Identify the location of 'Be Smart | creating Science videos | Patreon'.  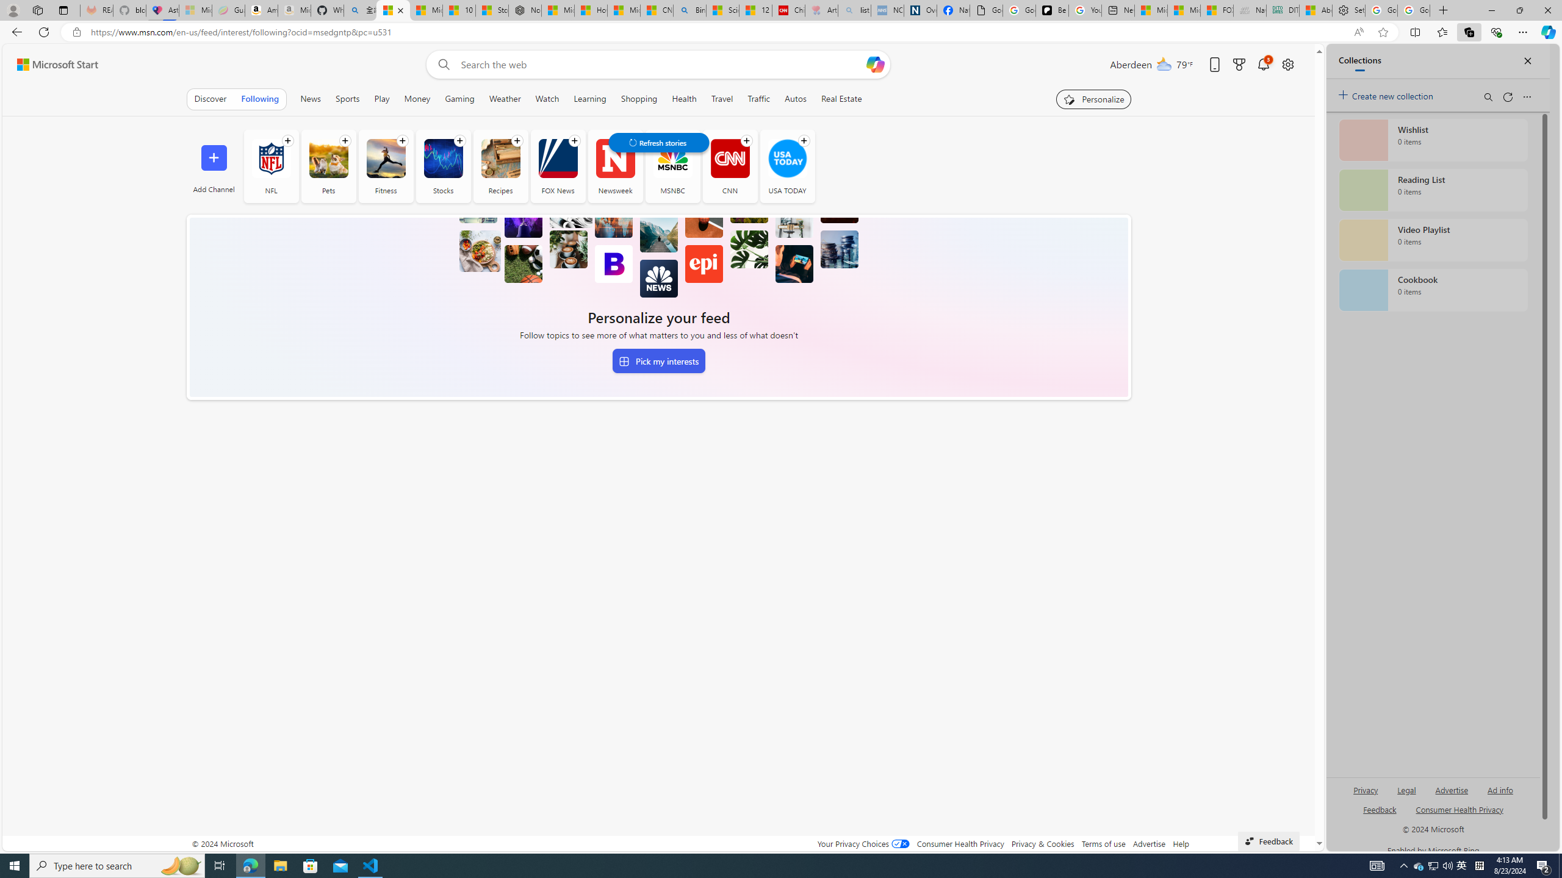
(1052, 10).